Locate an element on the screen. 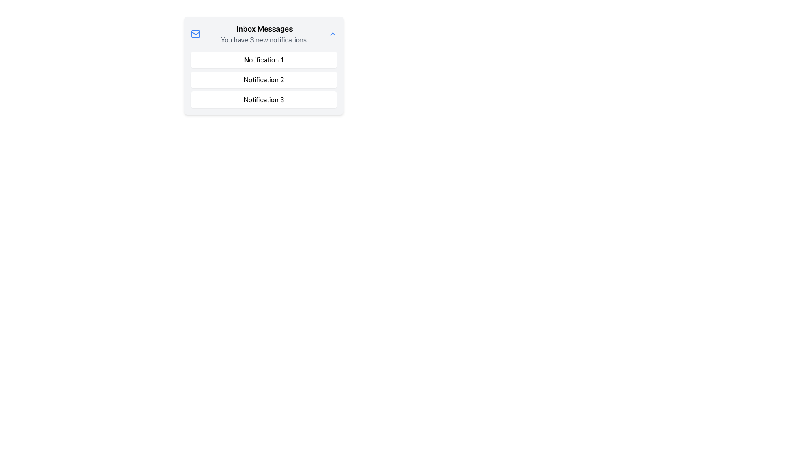  the Icon button located to the far-right of the header, adjacent to the 'Inbox Messages' text is located at coordinates (333, 33).